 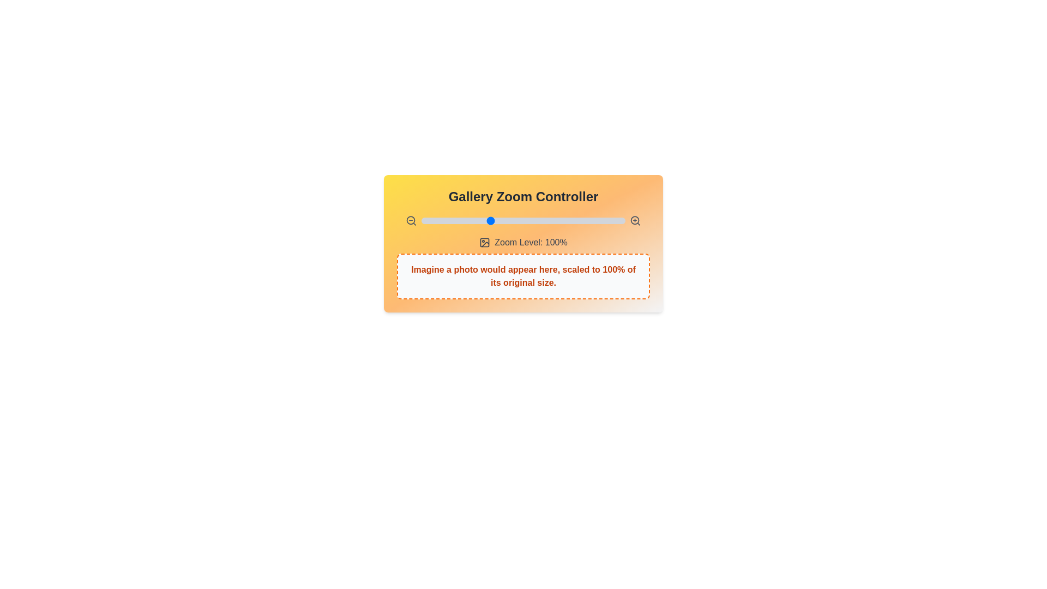 What do you see at coordinates (498, 221) in the screenshot?
I see `the zoom level to 107% by interacting with the slider` at bounding box center [498, 221].